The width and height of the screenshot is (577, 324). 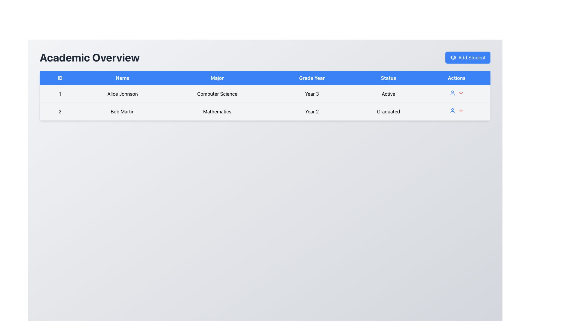 I want to click on text from the blue header cell labeled 'ID', which is the first cell in the top row of the table, so click(x=60, y=77).